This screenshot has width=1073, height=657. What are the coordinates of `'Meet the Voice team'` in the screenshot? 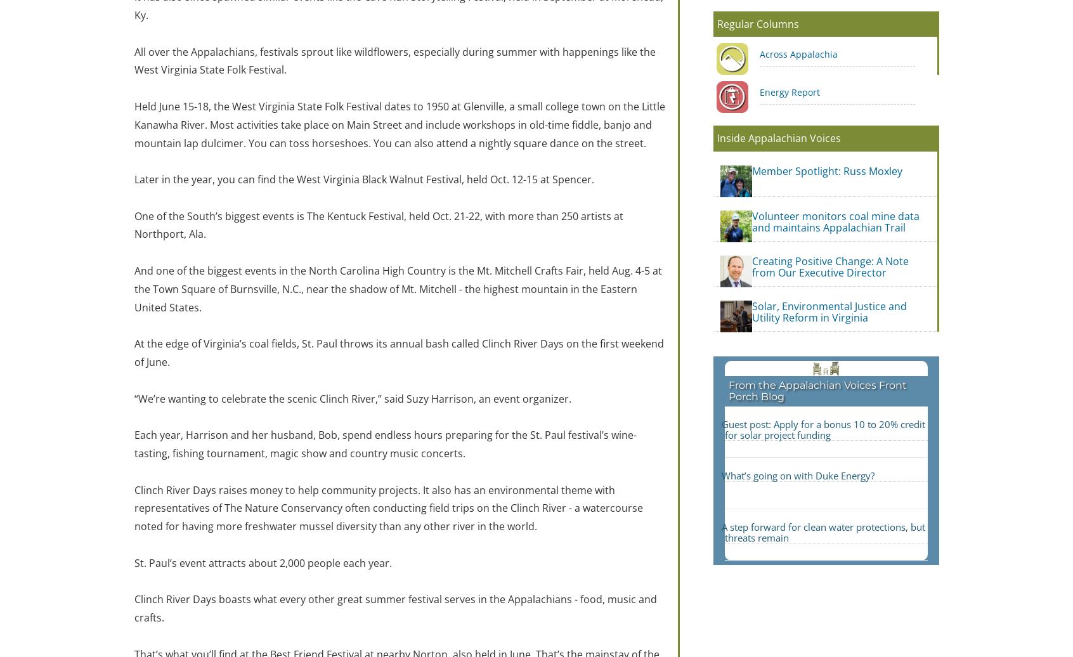 It's located at (481, 395).